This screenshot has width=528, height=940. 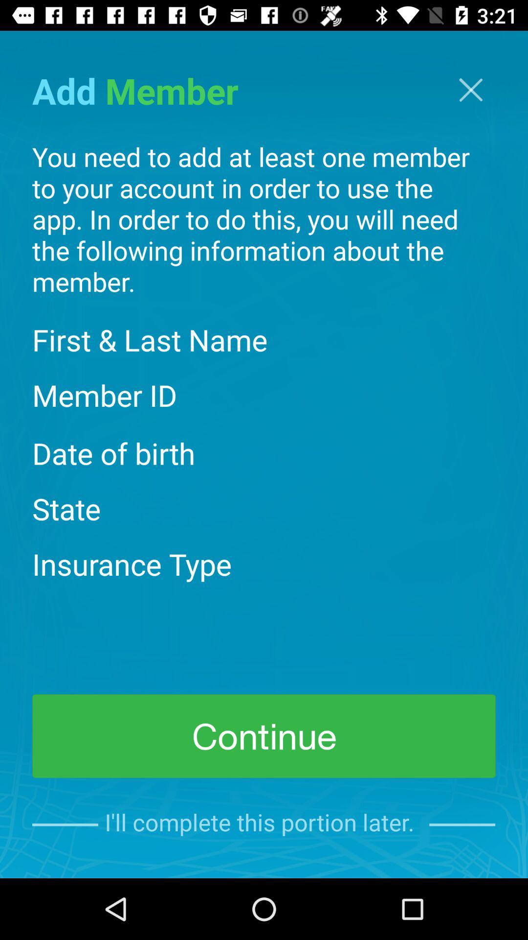 I want to click on icon above i ll complete icon, so click(x=264, y=736).